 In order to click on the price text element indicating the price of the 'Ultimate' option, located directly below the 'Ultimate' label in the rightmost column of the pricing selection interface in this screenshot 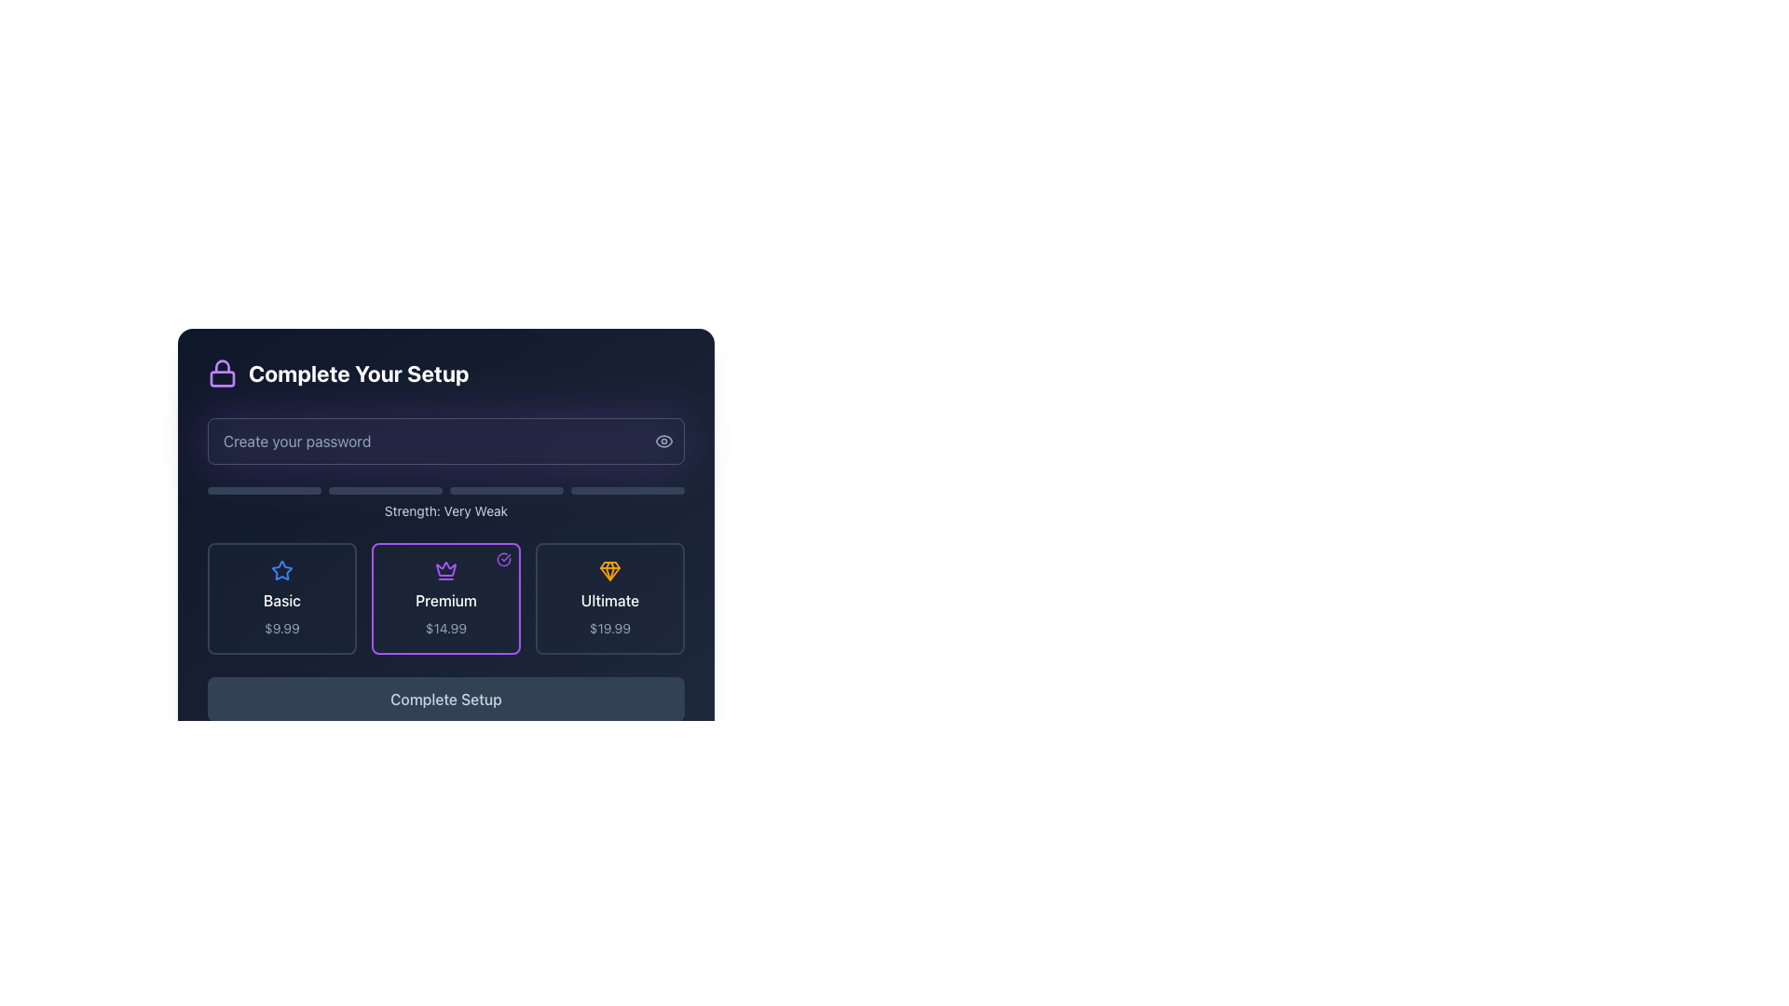, I will do `click(609, 629)`.